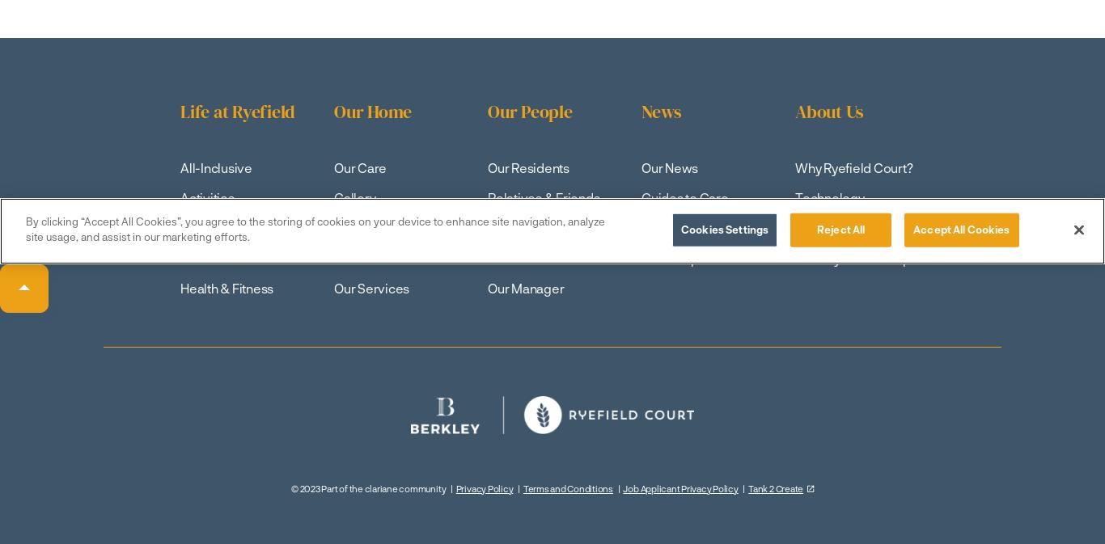  Describe the element at coordinates (359, 166) in the screenshot. I see `'Our Care'` at that location.